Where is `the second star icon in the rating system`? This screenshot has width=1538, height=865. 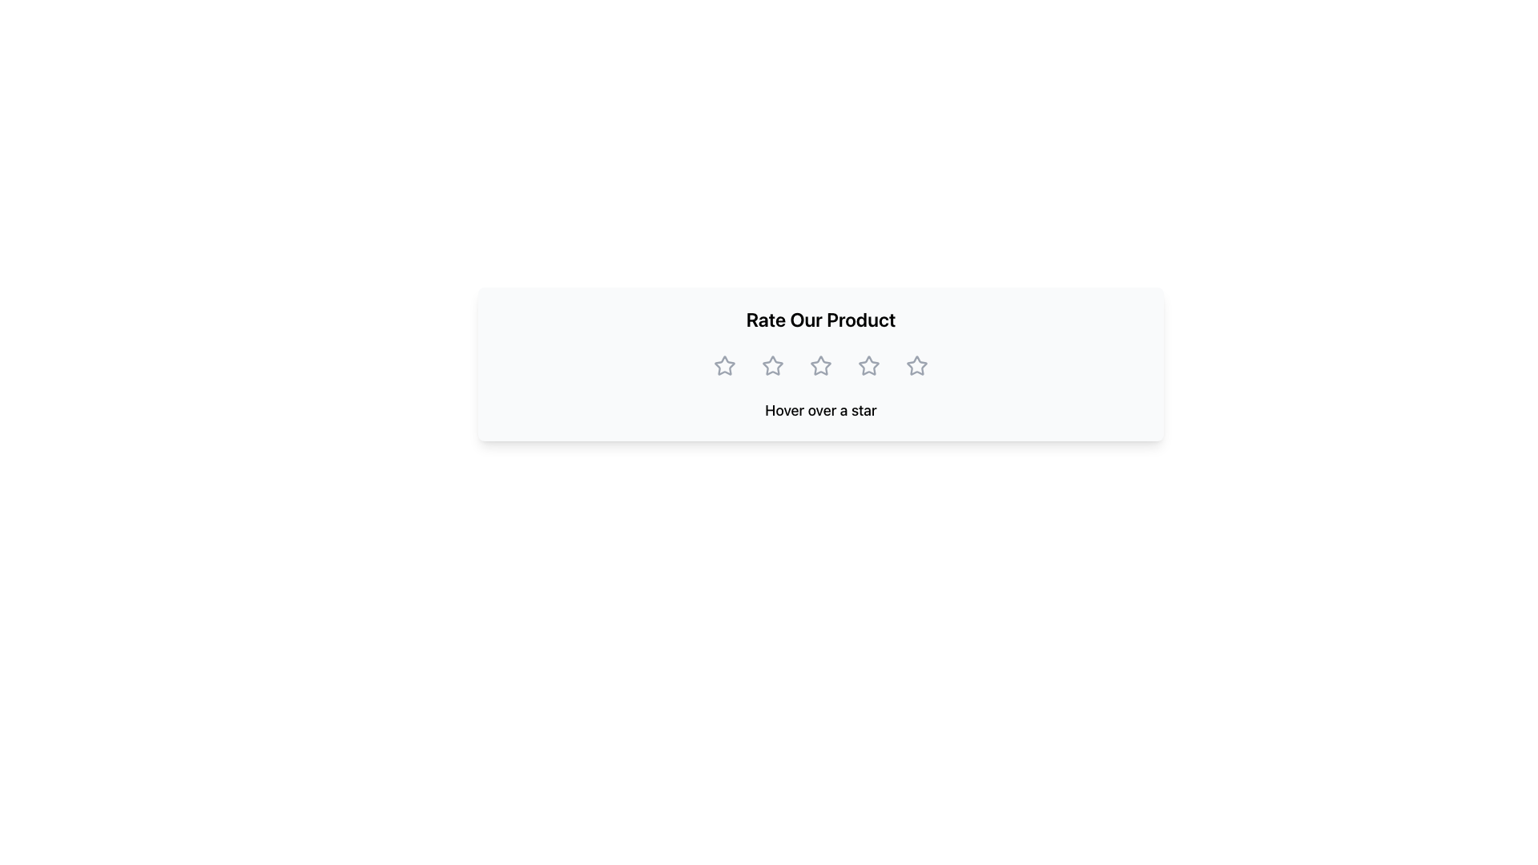 the second star icon in the rating system is located at coordinates (772, 365).